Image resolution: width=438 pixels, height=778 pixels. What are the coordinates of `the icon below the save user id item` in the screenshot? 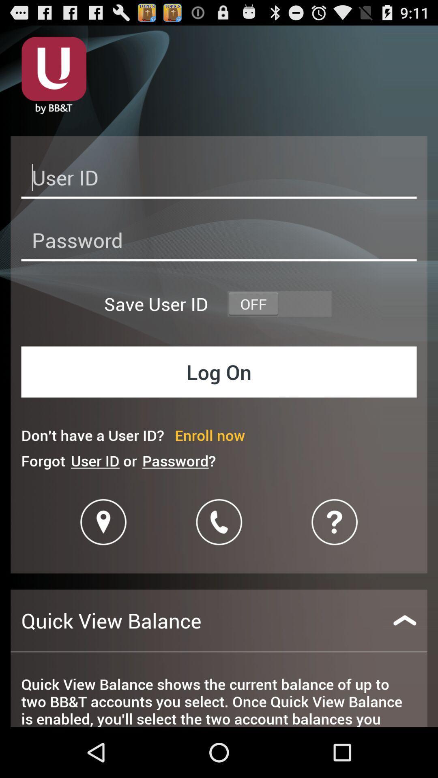 It's located at (219, 371).